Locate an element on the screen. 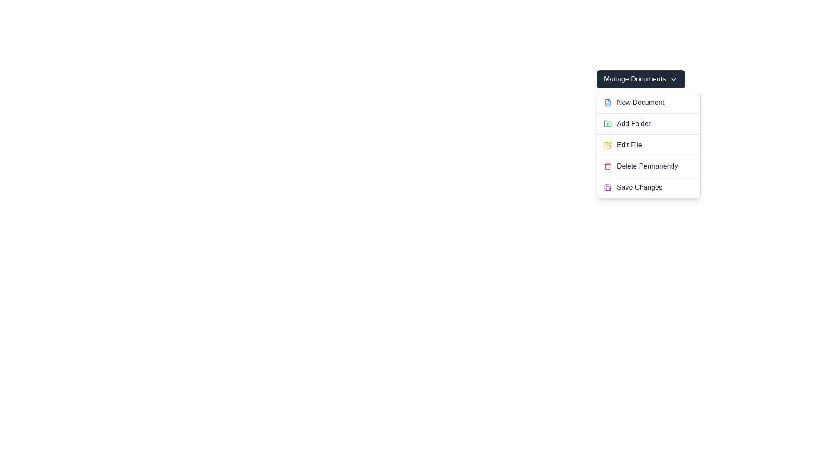 The image size is (833, 468). the 'Edit File' icon in the dropdown menu, which is positioned to the left of the 'Edit File' text is located at coordinates (607, 145).